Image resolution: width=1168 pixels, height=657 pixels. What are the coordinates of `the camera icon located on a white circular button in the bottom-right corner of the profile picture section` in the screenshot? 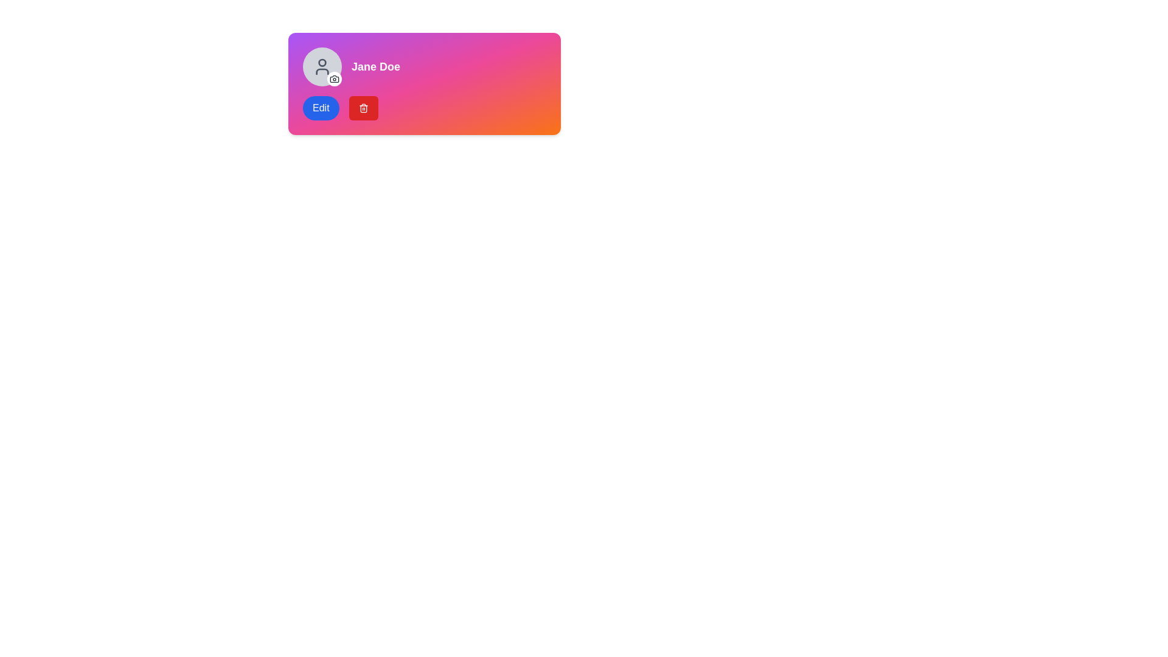 It's located at (335, 79).